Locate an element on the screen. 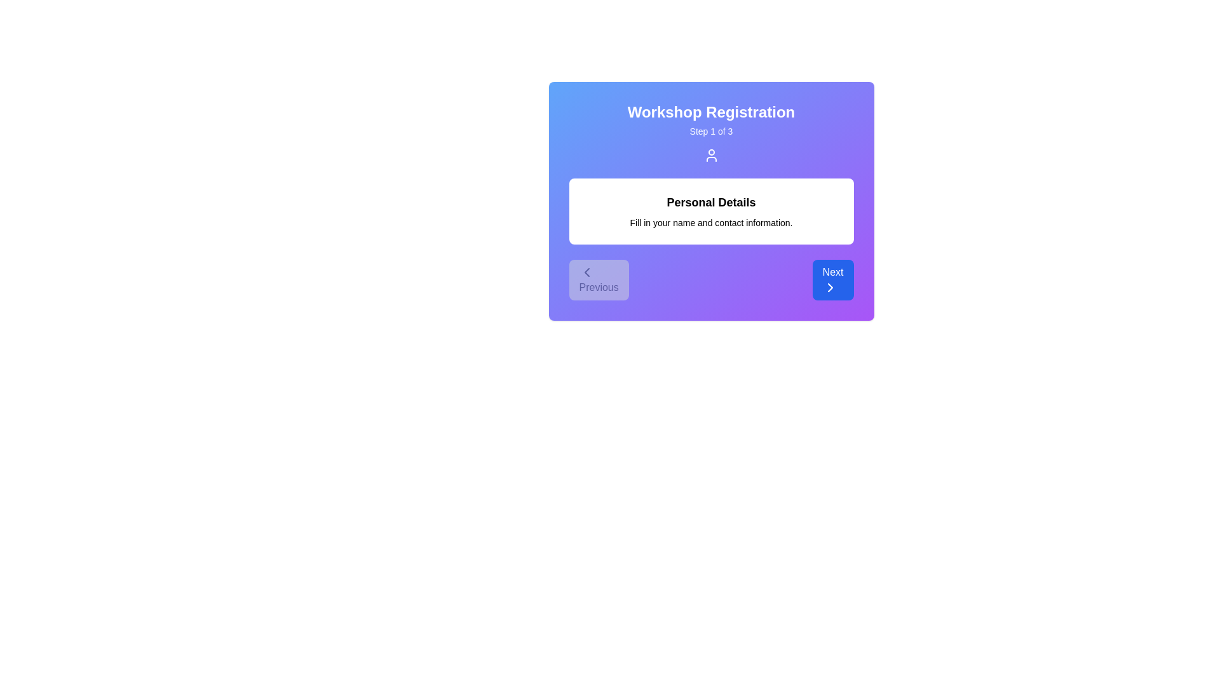 This screenshot has width=1220, height=686. the Chevron Left icon located within the 'Previous' button in the lower-left section of the registration form is located at coordinates (586, 271).